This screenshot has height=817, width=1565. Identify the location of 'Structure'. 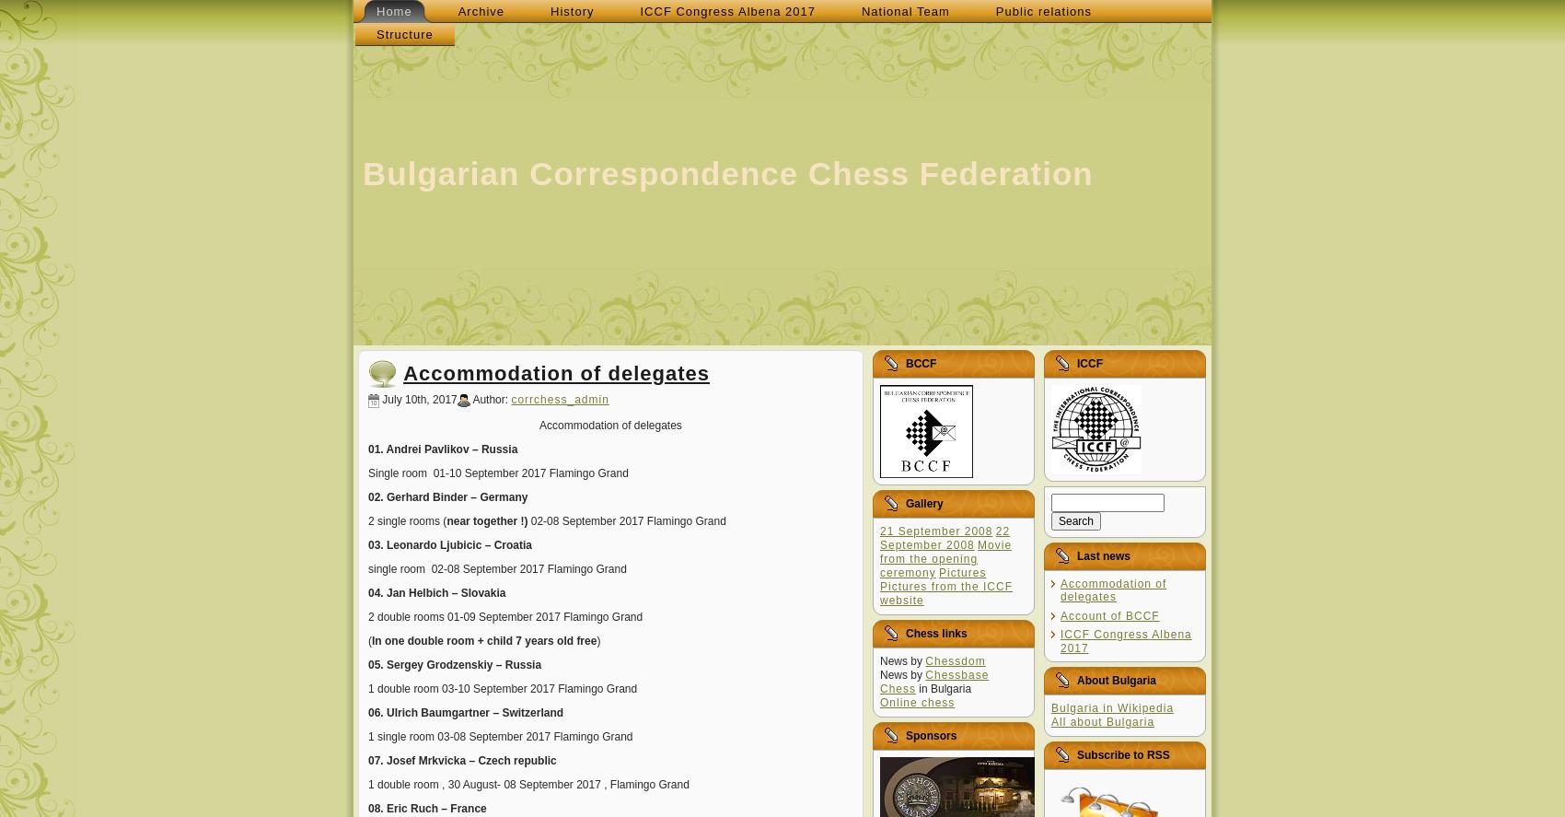
(404, 34).